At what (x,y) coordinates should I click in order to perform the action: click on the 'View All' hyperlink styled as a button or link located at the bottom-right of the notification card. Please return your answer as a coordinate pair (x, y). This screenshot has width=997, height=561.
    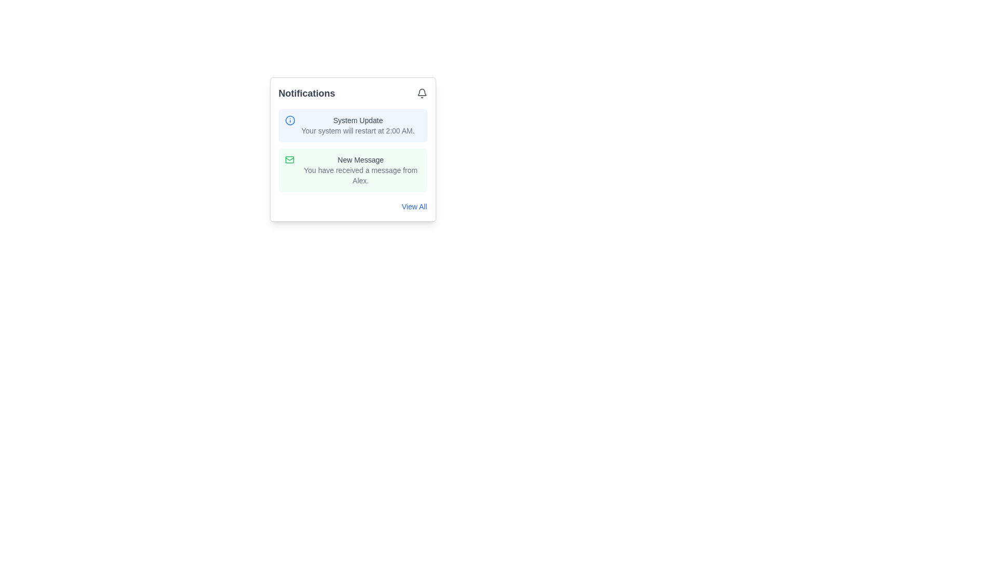
    Looking at the image, I should click on (353, 206).